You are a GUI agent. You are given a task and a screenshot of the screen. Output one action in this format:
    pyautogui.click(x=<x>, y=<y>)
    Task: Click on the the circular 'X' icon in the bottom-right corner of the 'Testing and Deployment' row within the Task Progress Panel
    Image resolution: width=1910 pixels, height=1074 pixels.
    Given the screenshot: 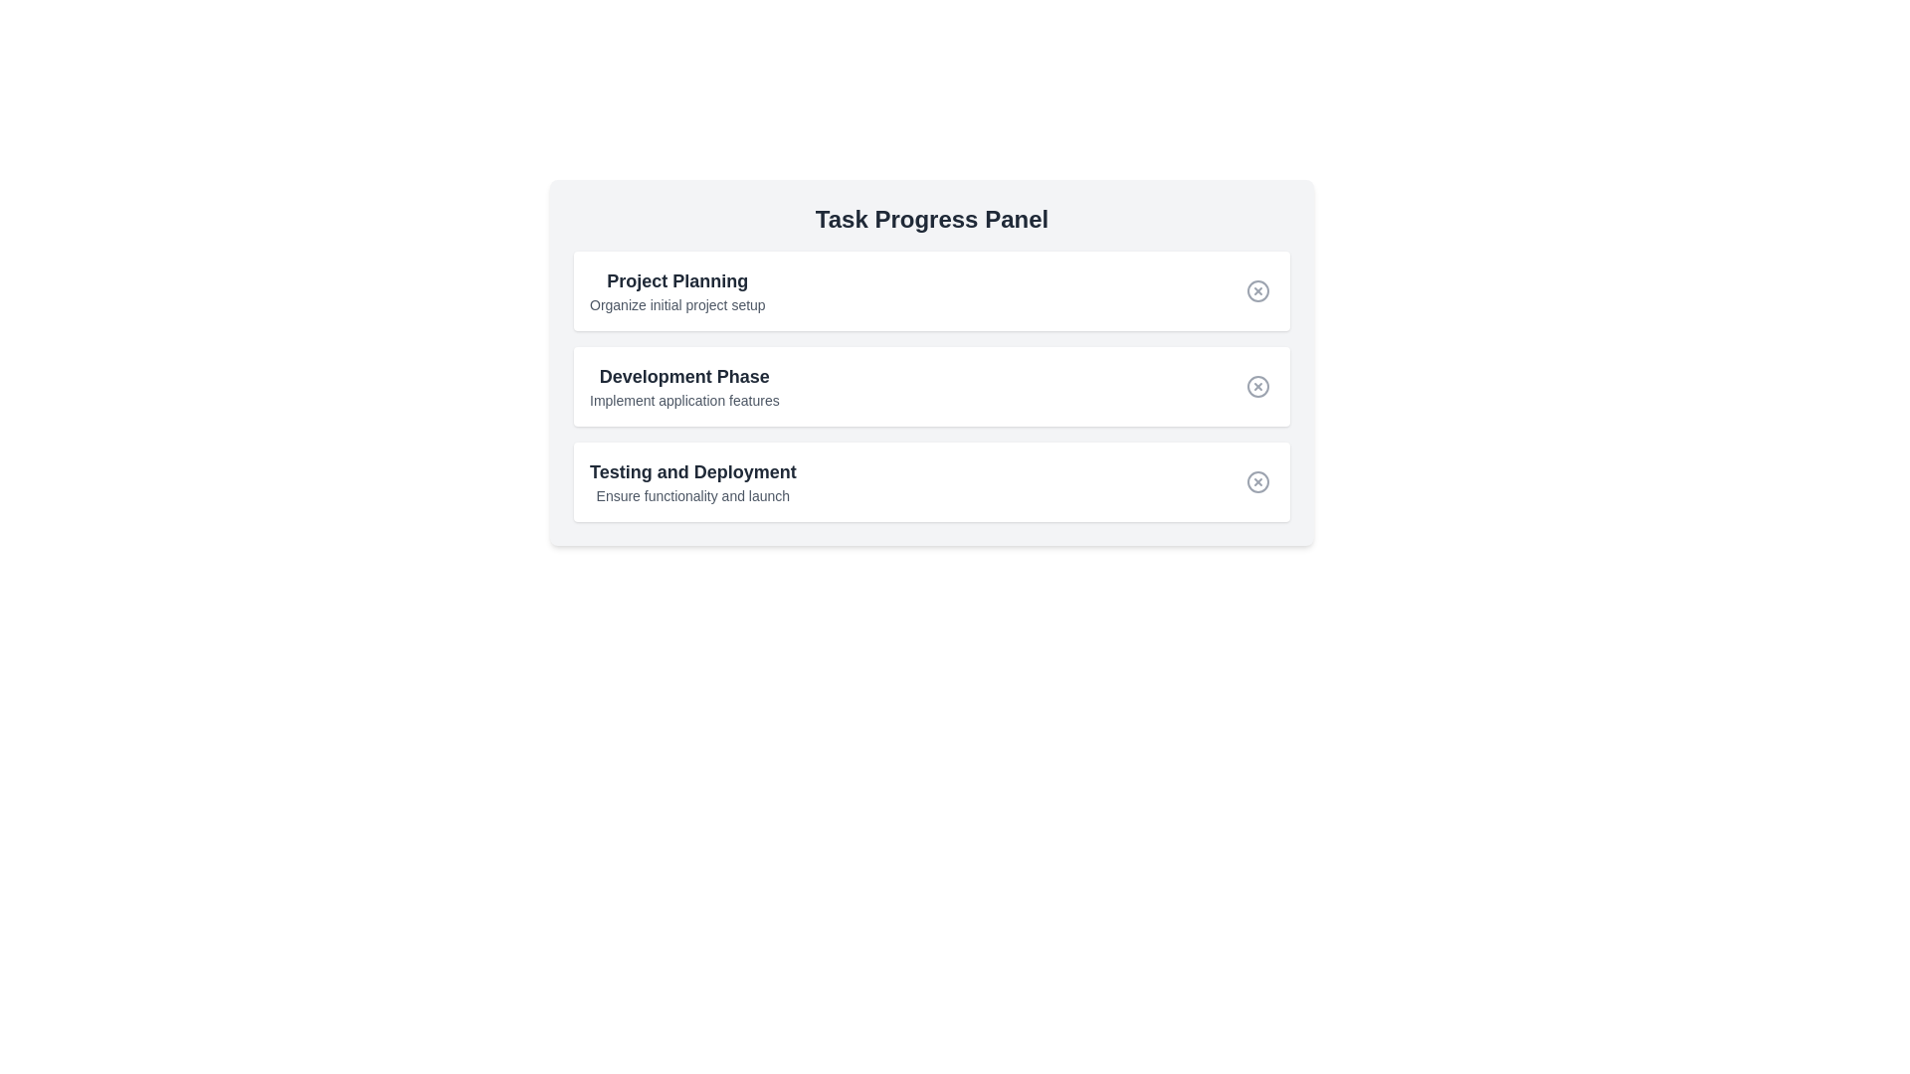 What is the action you would take?
    pyautogui.click(x=1257, y=482)
    